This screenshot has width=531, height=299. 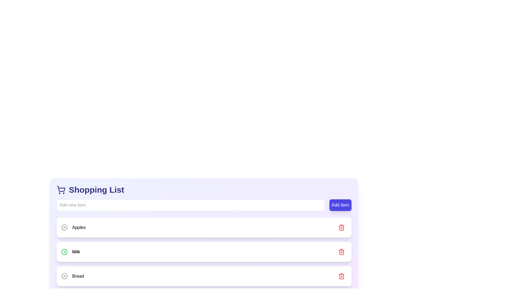 What do you see at coordinates (64, 252) in the screenshot?
I see `the circular icon within the SVG group that is adjacent to the text 'Milk' in the shopping list interface` at bounding box center [64, 252].